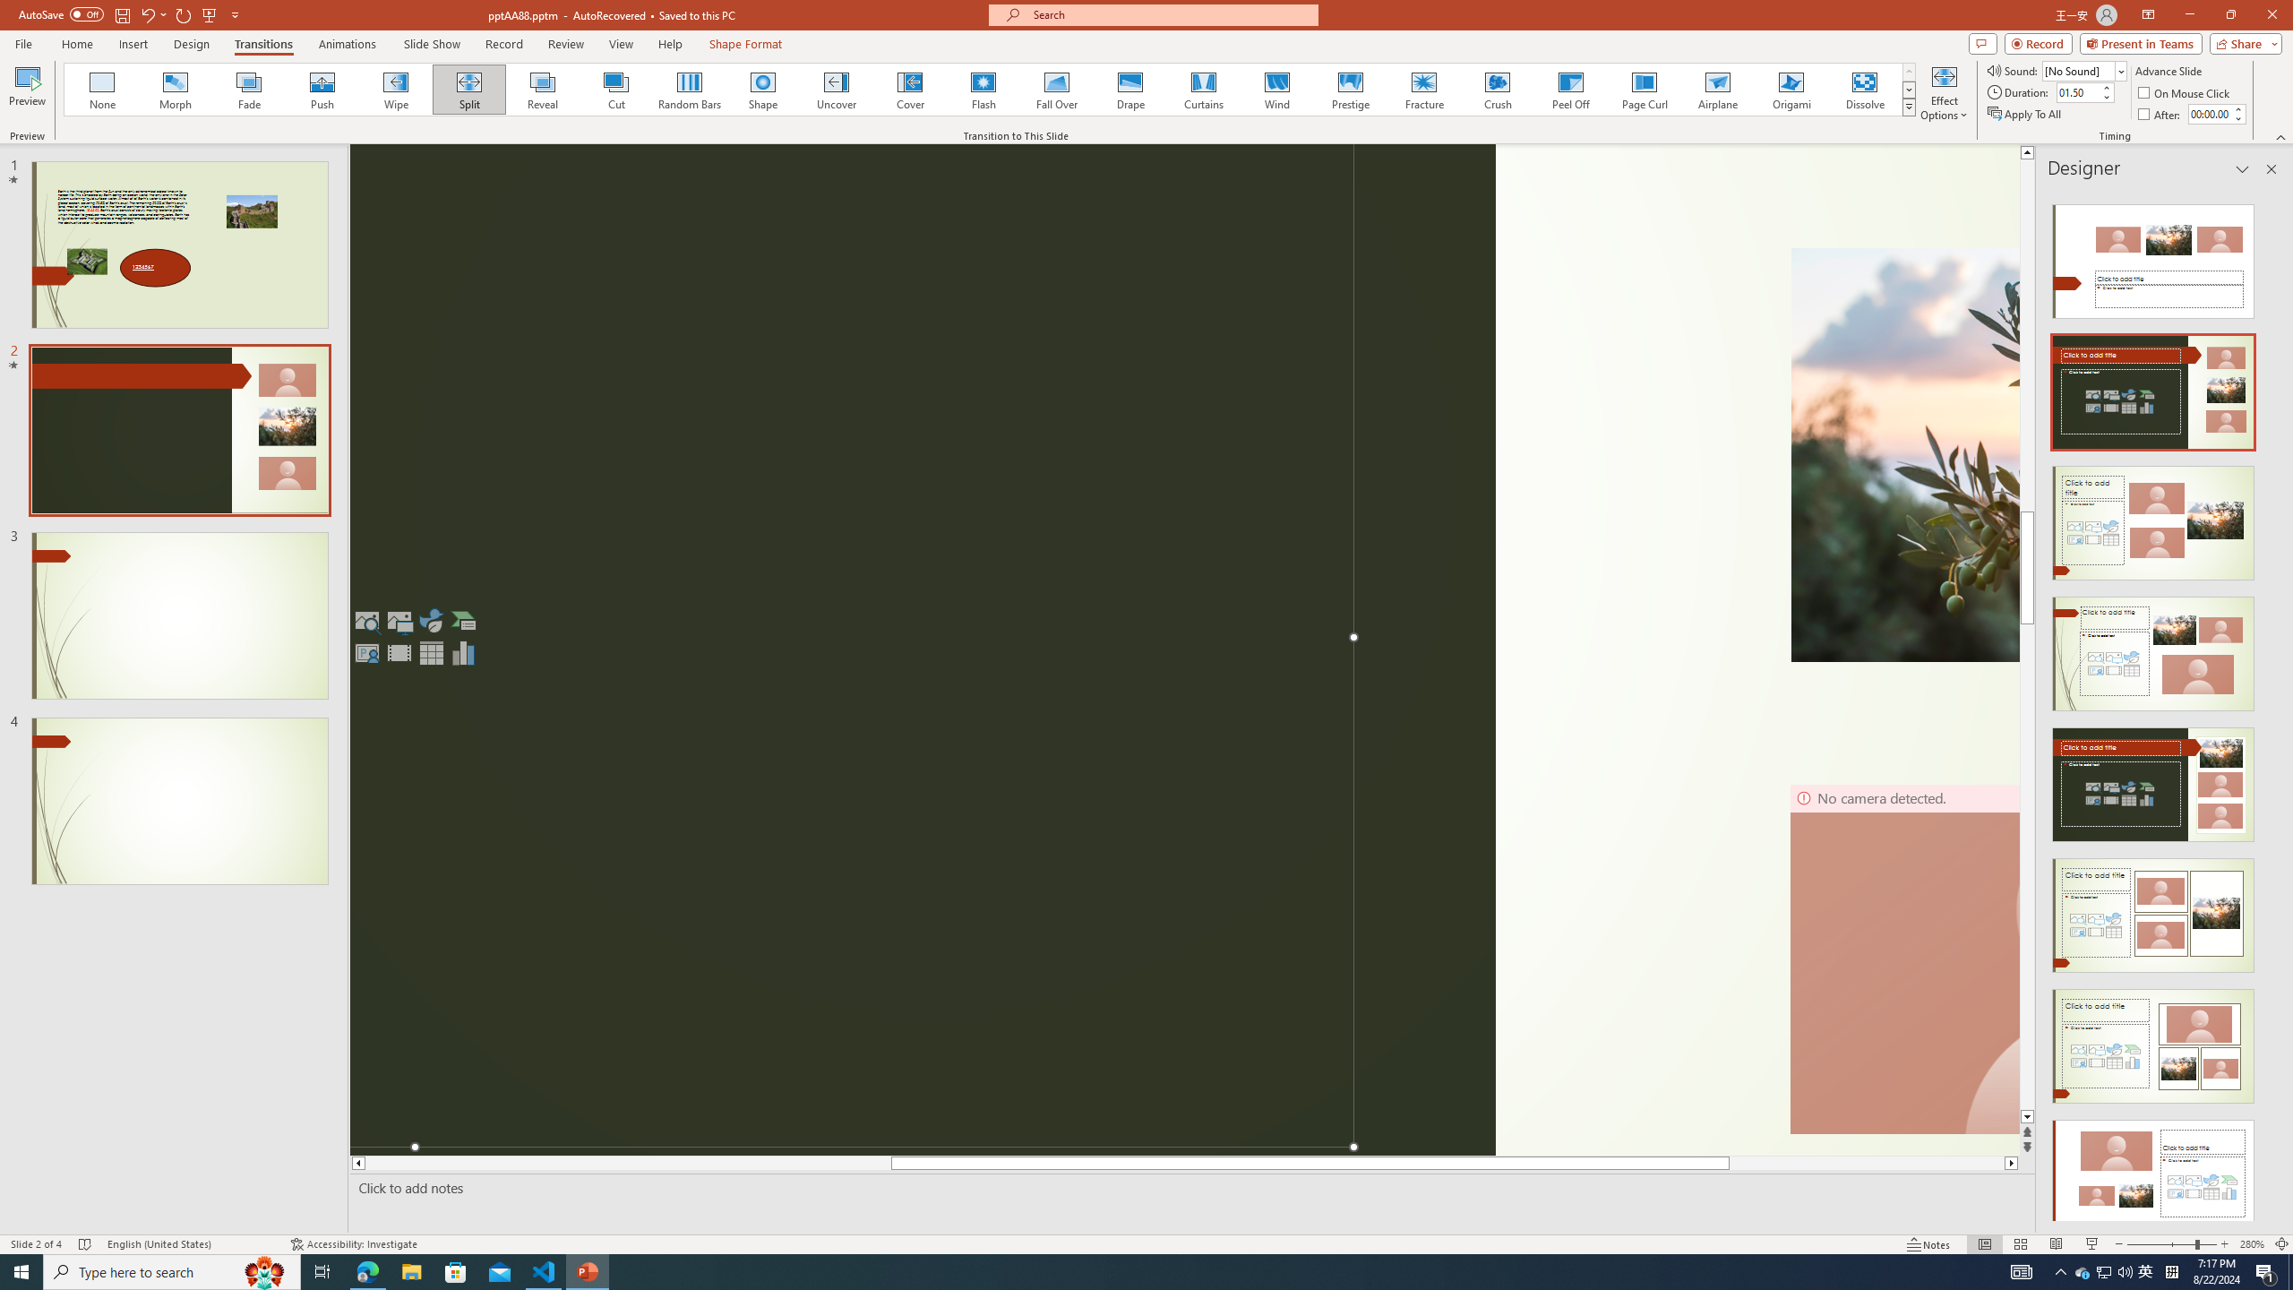 The height and width of the screenshot is (1290, 2293). I want to click on 'On Mouse Click', so click(2184, 92).